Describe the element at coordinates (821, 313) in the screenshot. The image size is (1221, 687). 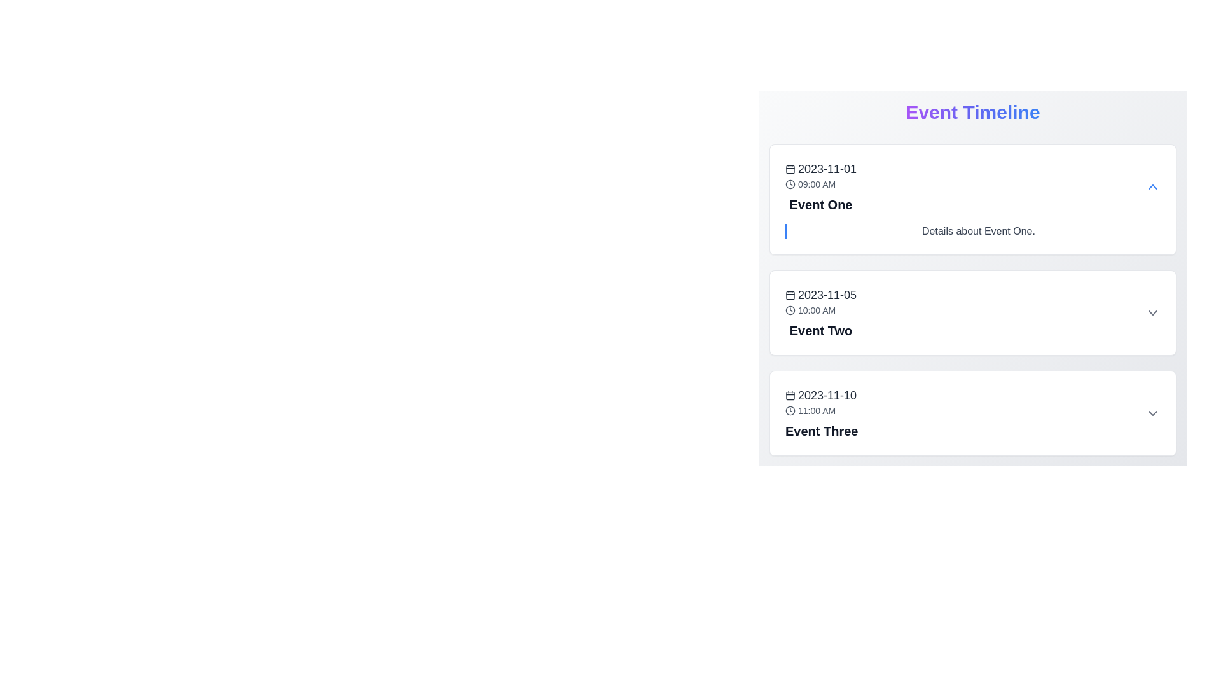
I see `the second event in the 'Event Timeline' interface, which serves as an informational block detailing a specific event` at that location.